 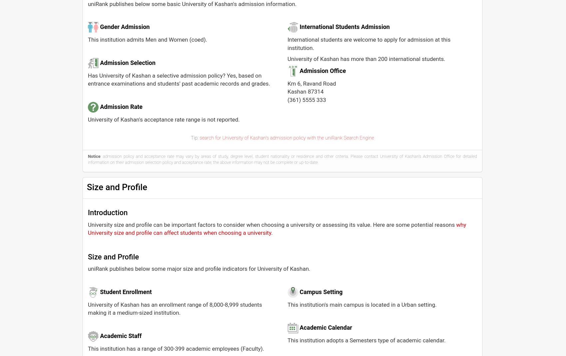 What do you see at coordinates (178, 79) in the screenshot?
I see `'Has University of Kashan a selective admission policy? Yes, based on entrance examinations and students' past academic records and grades.'` at bounding box center [178, 79].